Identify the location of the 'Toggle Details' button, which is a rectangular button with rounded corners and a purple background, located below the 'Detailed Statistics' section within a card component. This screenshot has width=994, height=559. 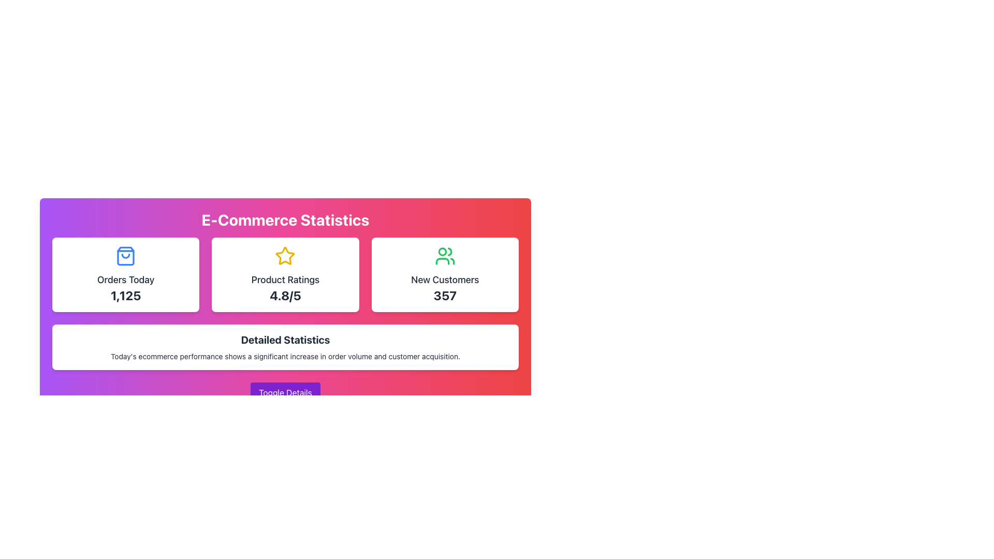
(285, 393).